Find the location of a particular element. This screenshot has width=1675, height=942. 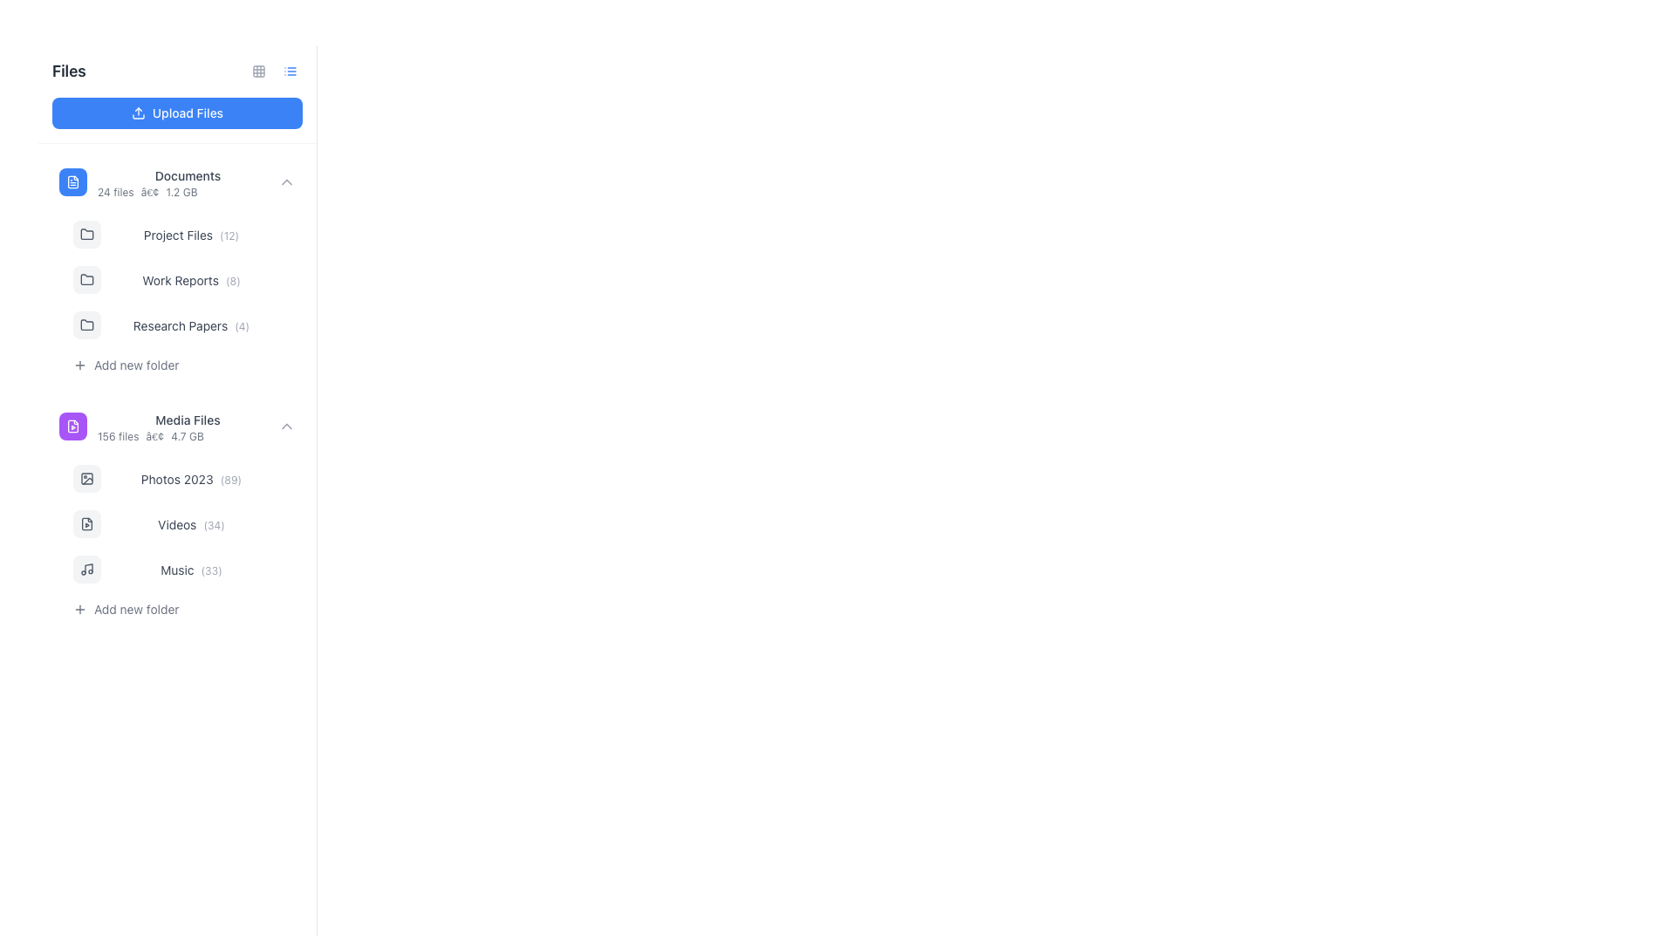

the purple square icon with a white outlined video file symbol located in the 'Media Files' panel on the left sidebar, positioned near the top-left corner, just before the text 'Media Files' is located at coordinates (72, 427).